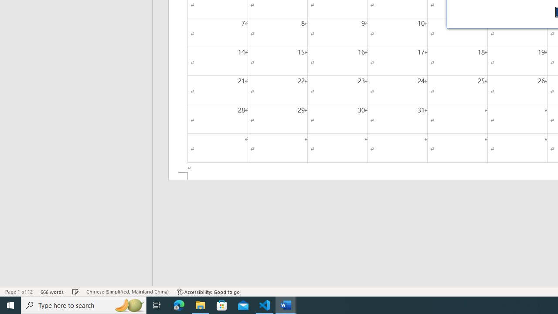 The width and height of the screenshot is (558, 314). Describe the element at coordinates (75, 292) in the screenshot. I see `'Spelling and Grammar Check Checking'` at that location.